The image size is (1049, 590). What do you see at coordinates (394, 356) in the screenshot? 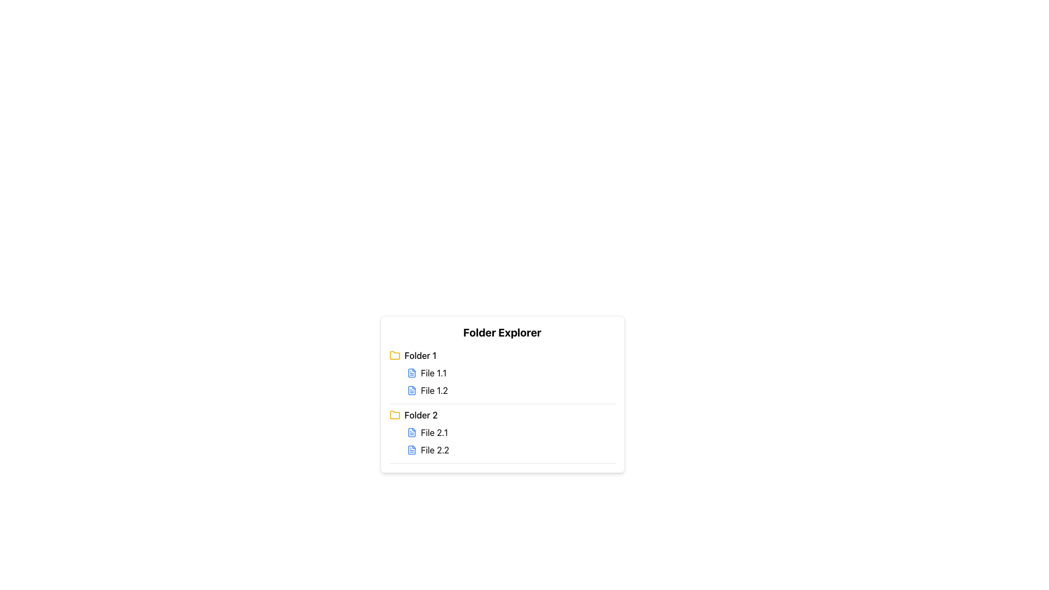
I see `the small yellow folder icon located immediately to the left of the text labeled 'Folder 1'` at bounding box center [394, 356].